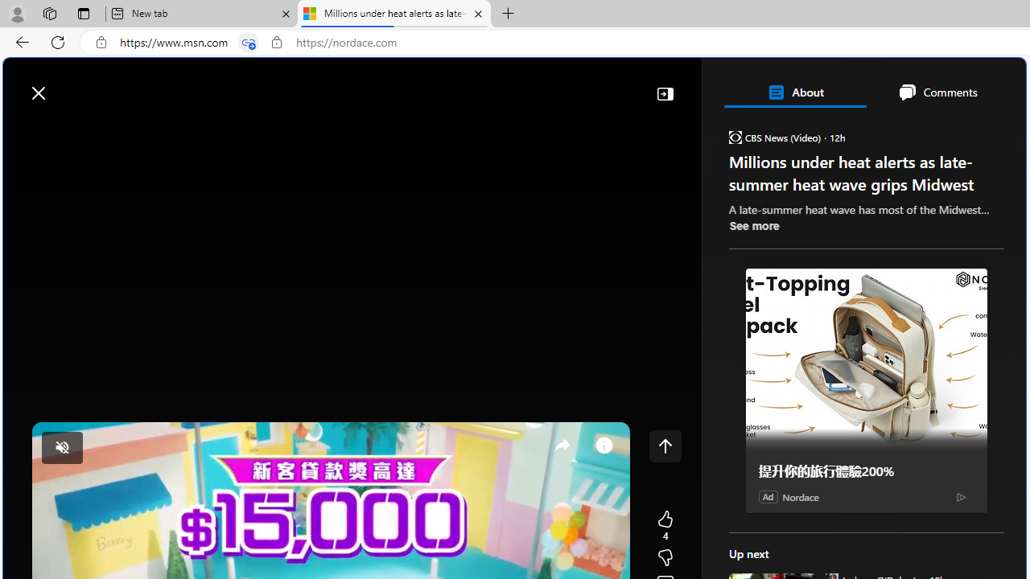 This screenshot has height=579, width=1030. I want to click on 'Open settings', so click(989, 84).